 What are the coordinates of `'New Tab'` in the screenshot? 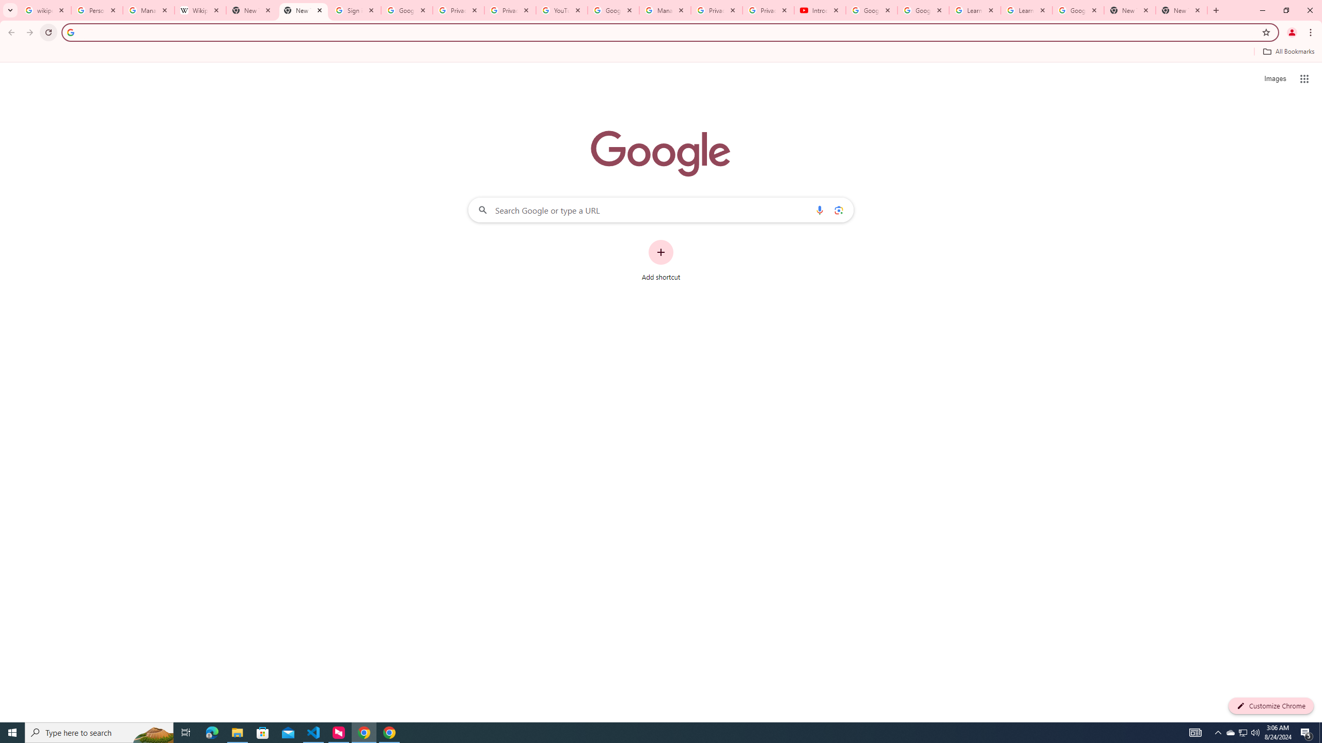 It's located at (1181, 10).